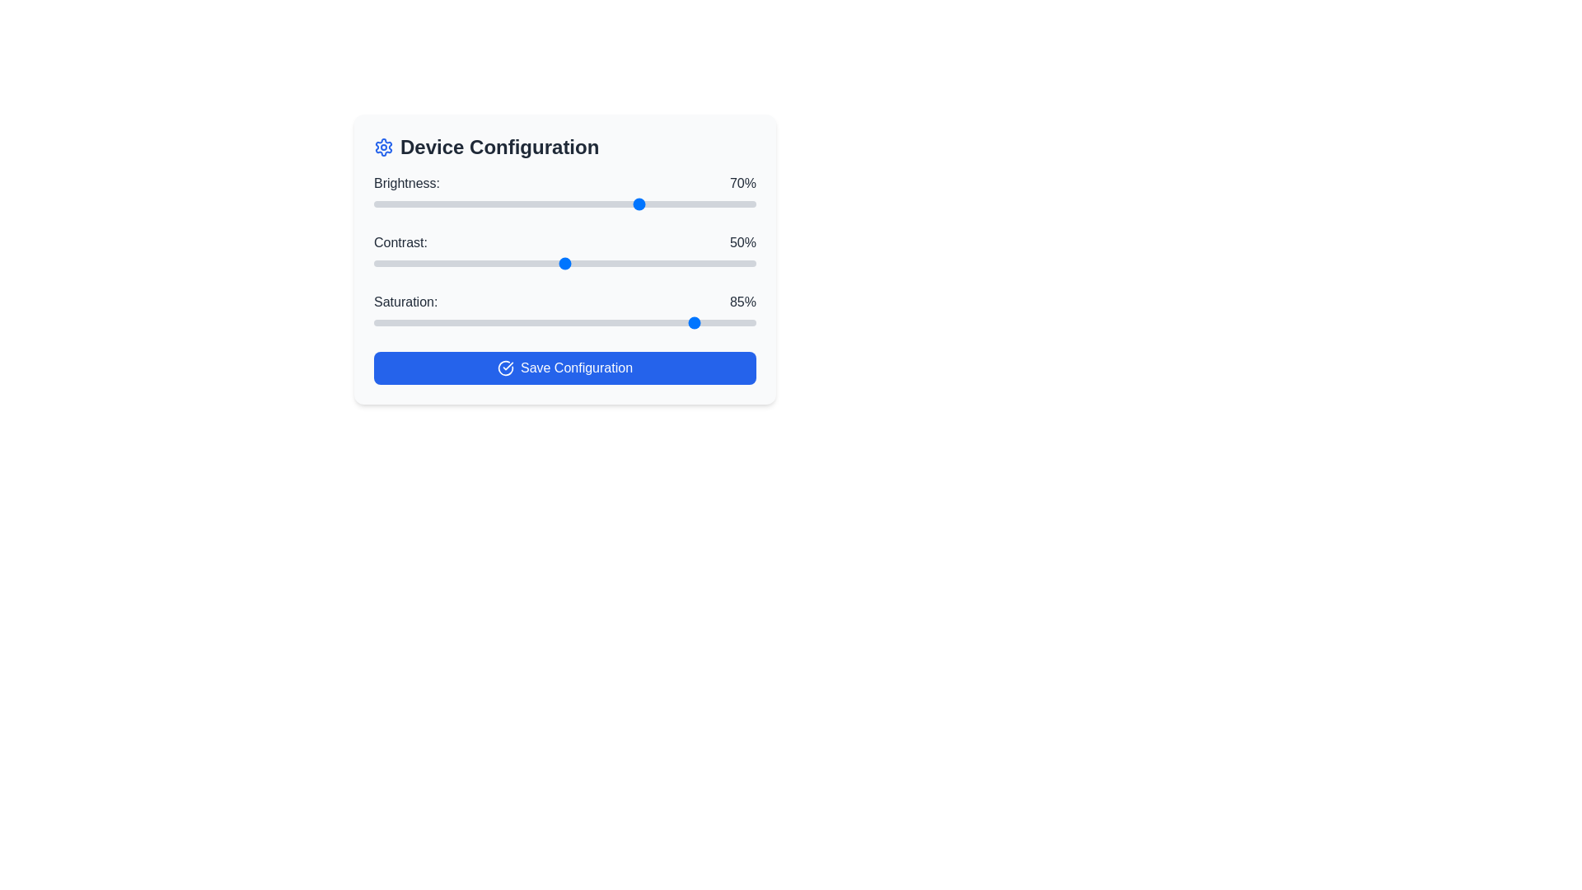 Image resolution: width=1582 pixels, height=890 pixels. What do you see at coordinates (382, 146) in the screenshot?
I see `the settings icon represented by a cogwheel embedded within an SVG element, located at the top-left corner of the 'Device Configuration' card` at bounding box center [382, 146].